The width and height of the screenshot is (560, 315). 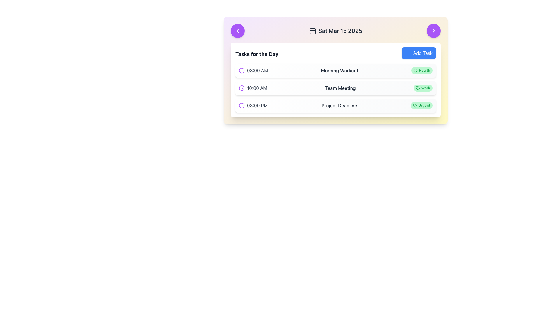 I want to click on the decorative icon next to the 'Work' label in the second row of the 'Tasks for the Day' list, adjacent to the '10:00 AM Team Meeting' label, so click(x=418, y=88).